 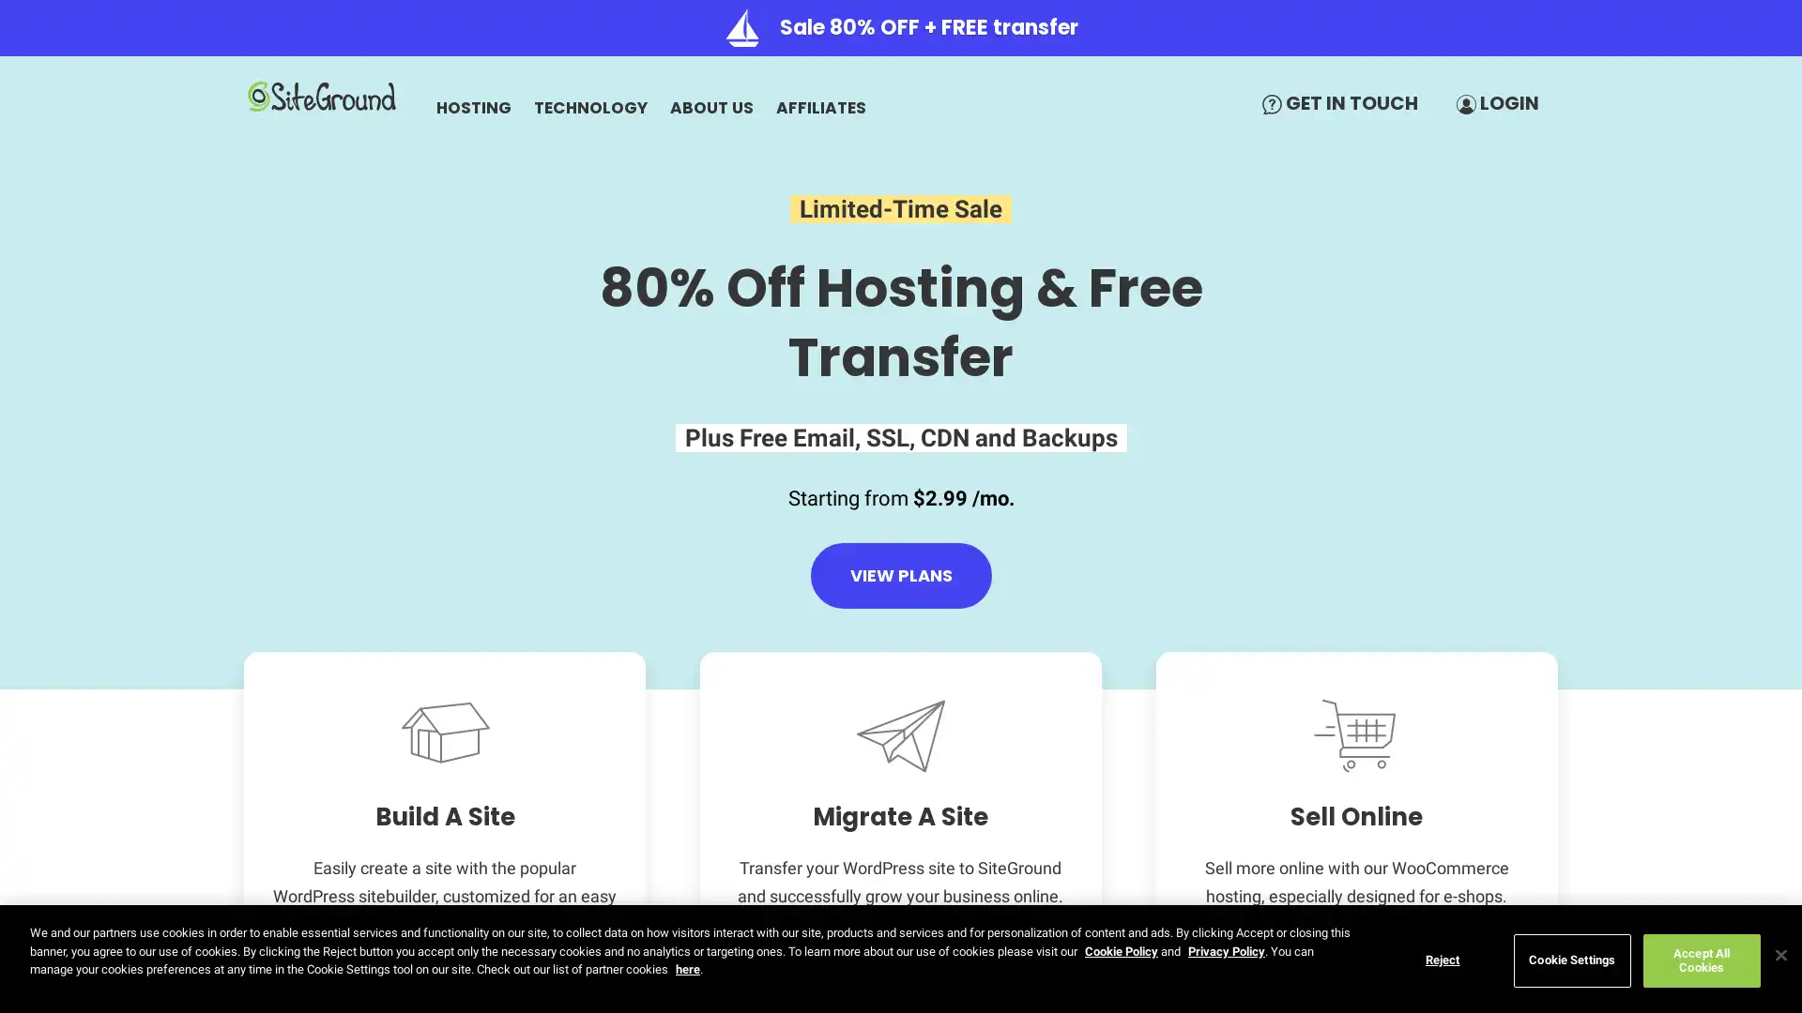 What do you see at coordinates (1441, 960) in the screenshot?
I see `Reject` at bounding box center [1441, 960].